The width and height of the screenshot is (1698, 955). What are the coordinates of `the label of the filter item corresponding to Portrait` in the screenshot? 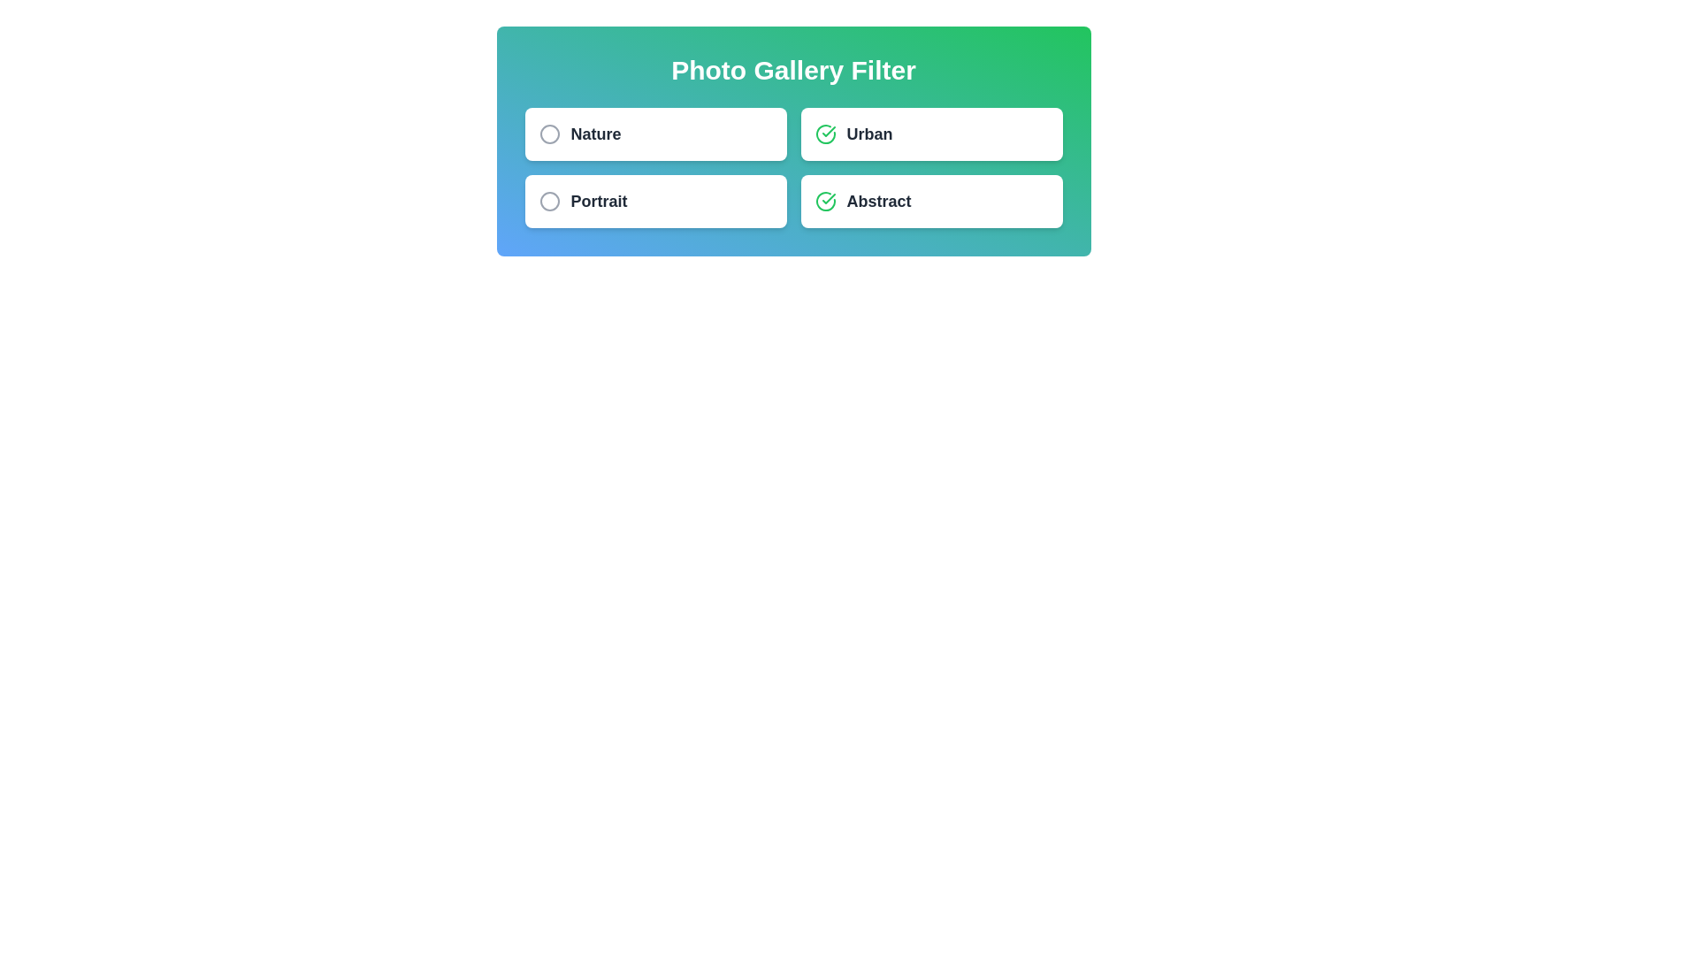 It's located at (599, 200).